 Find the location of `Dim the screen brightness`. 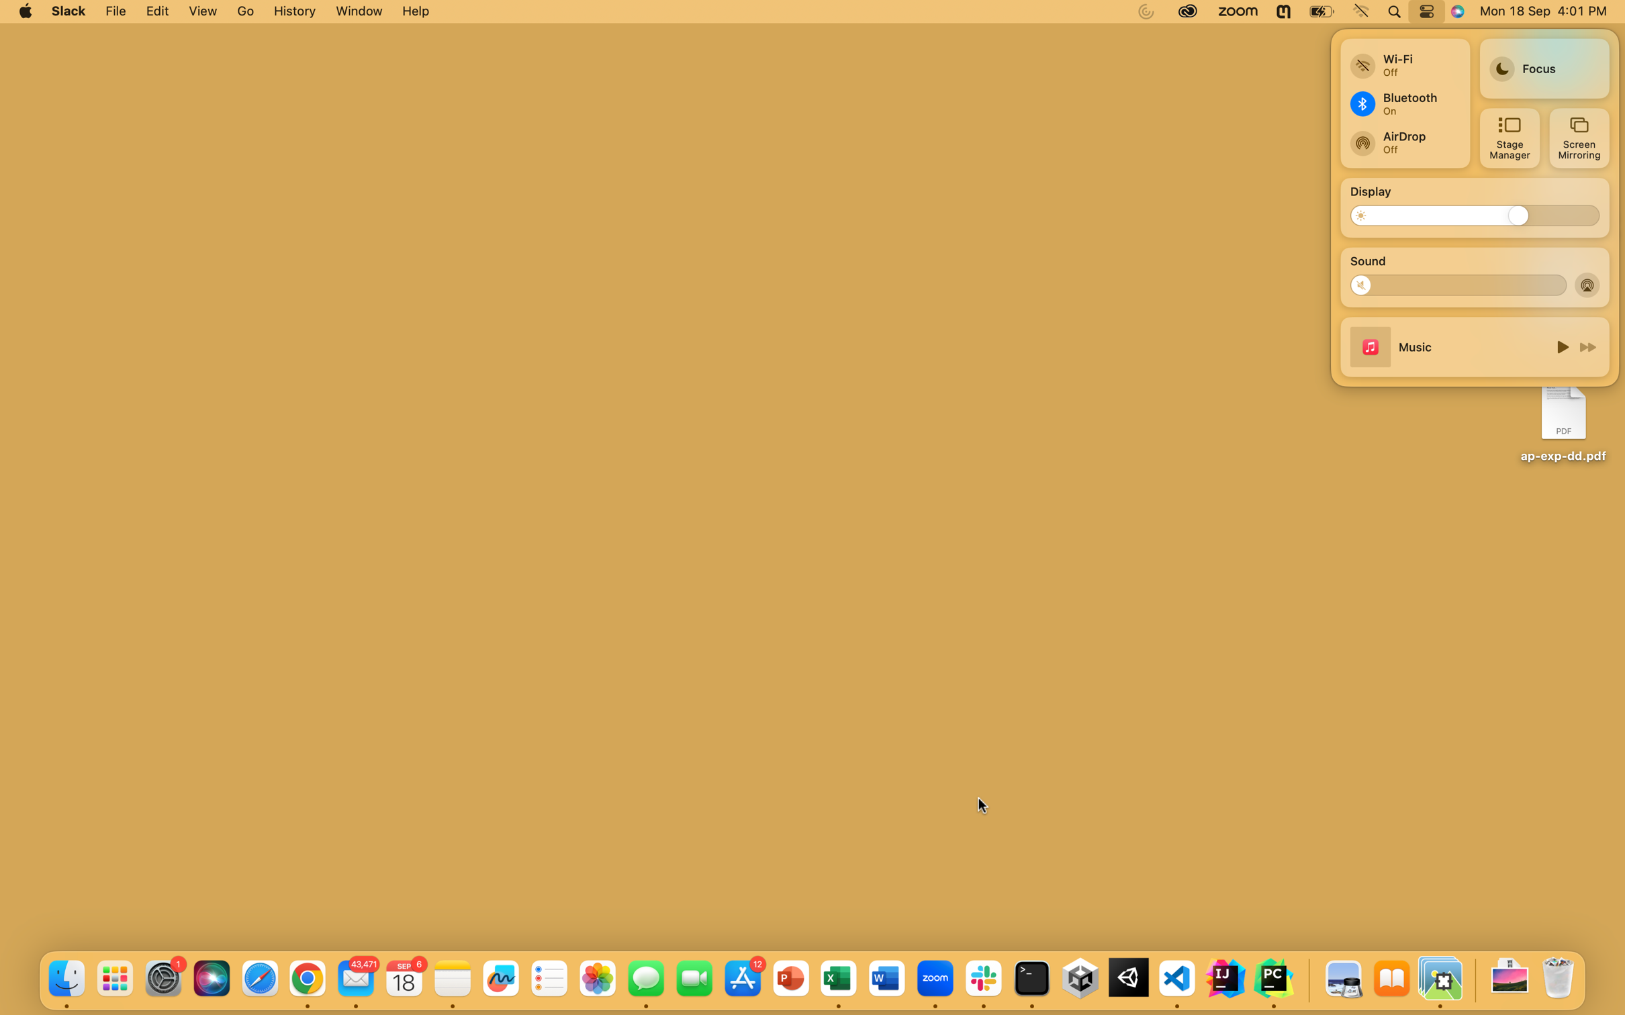

Dim the screen brightness is located at coordinates (1368, 214).